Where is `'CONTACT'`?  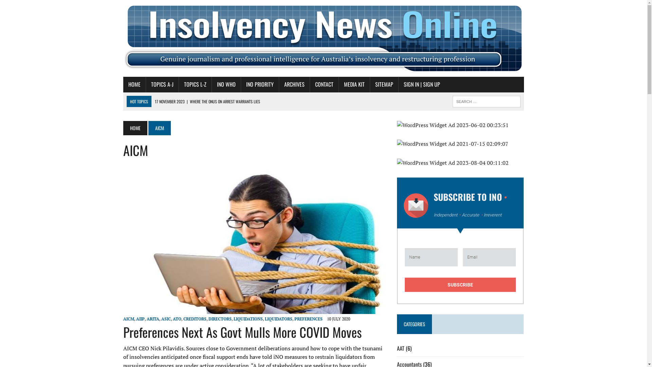 'CONTACT' is located at coordinates (324, 84).